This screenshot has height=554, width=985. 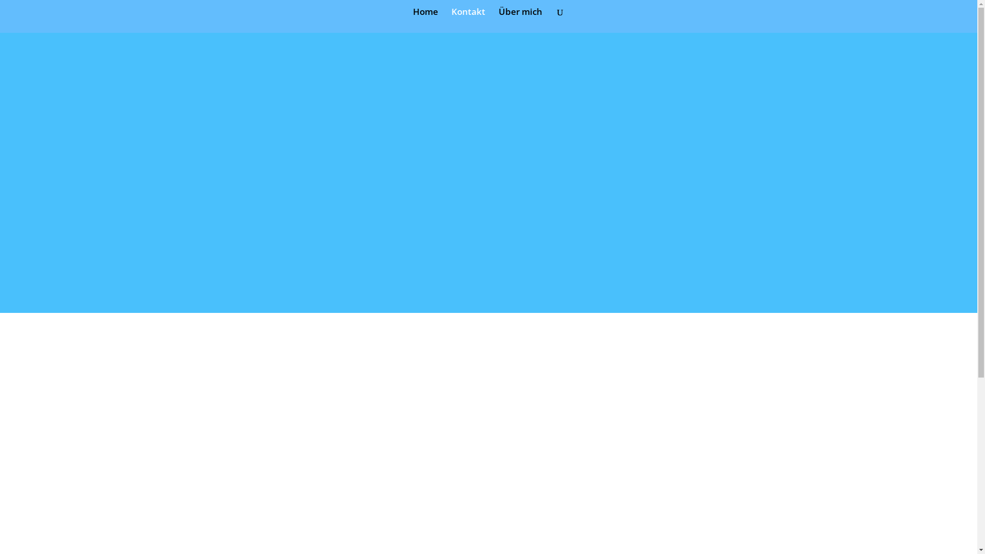 What do you see at coordinates (467, 20) in the screenshot?
I see `'Kontakt'` at bounding box center [467, 20].